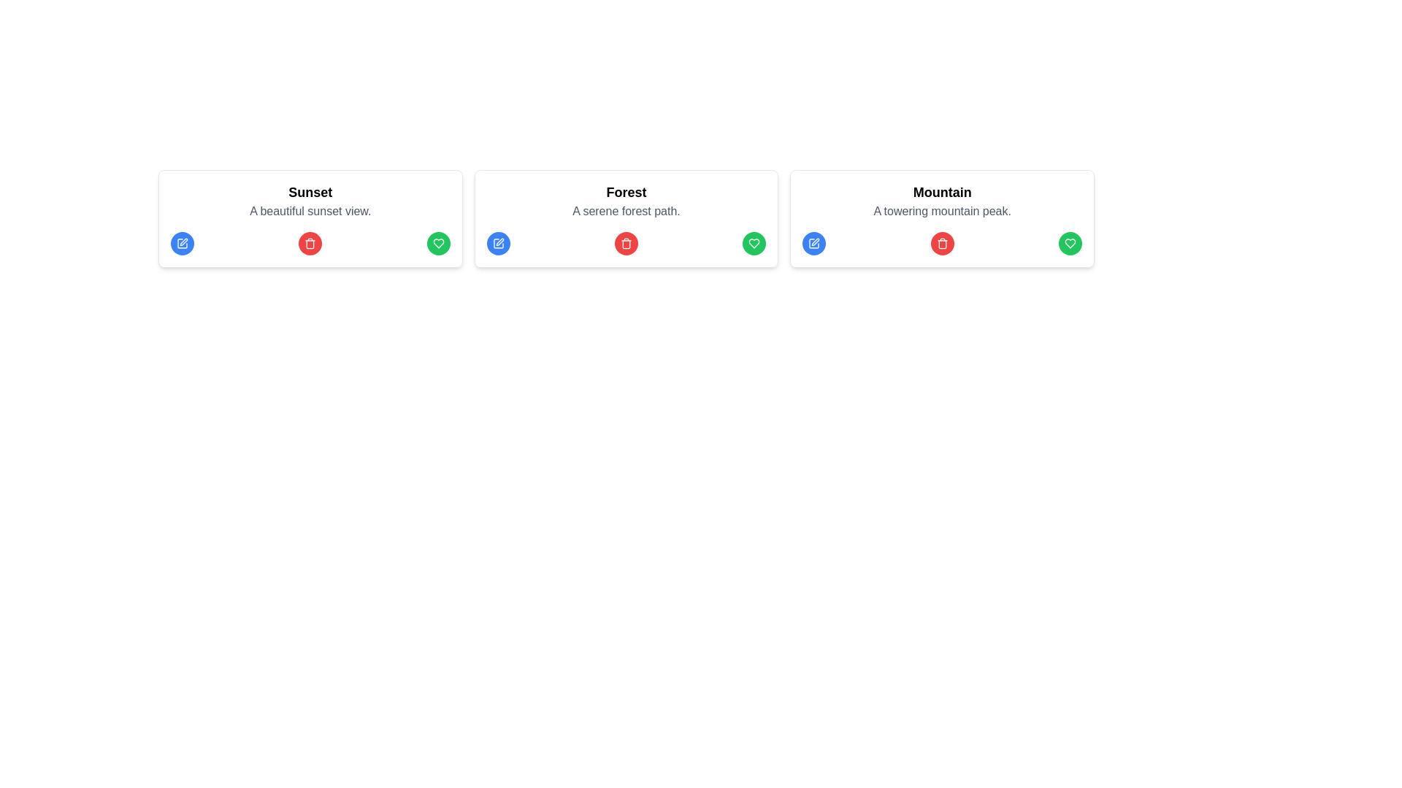 Image resolution: width=1402 pixels, height=788 pixels. I want to click on the circular red button with a trash icon inside, which is the second button from the left in the row of three buttons, so click(310, 243).